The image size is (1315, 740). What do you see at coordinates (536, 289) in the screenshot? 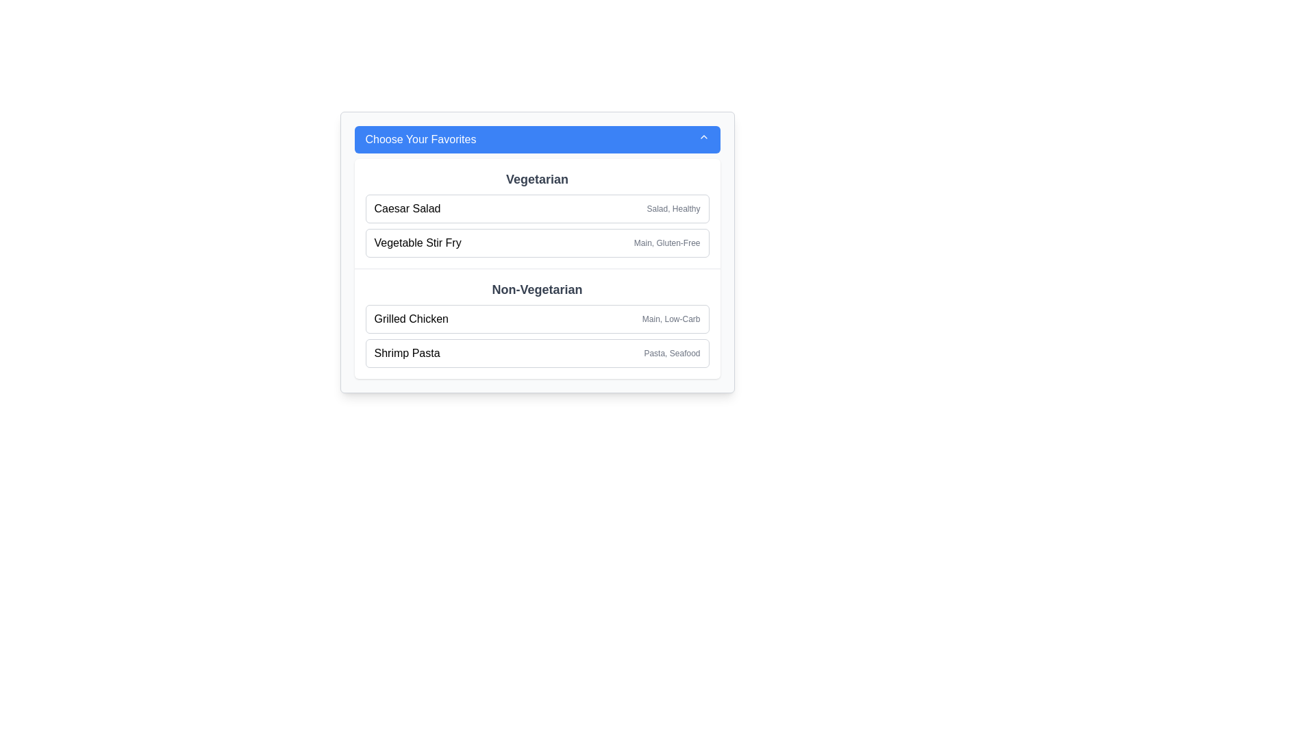
I see `the non-vegetarian food items category header text label located directly under the 'Vegetarian' section header` at bounding box center [536, 289].